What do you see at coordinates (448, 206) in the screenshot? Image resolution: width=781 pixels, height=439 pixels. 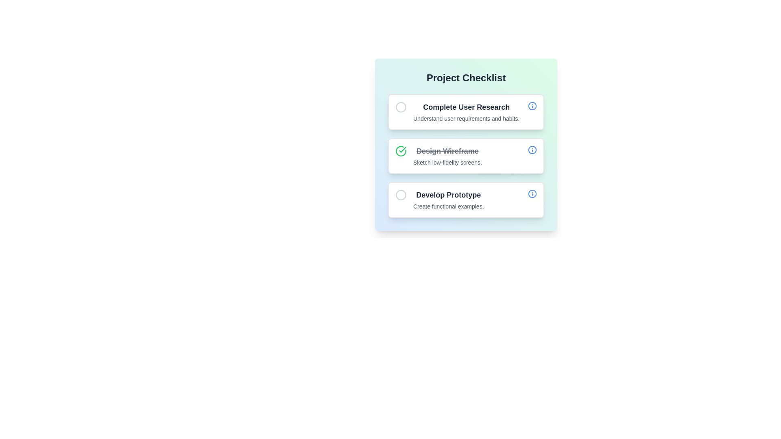 I see `the Text label providing additional information related to 'Develop Prototype' in the Project Checklist section` at bounding box center [448, 206].